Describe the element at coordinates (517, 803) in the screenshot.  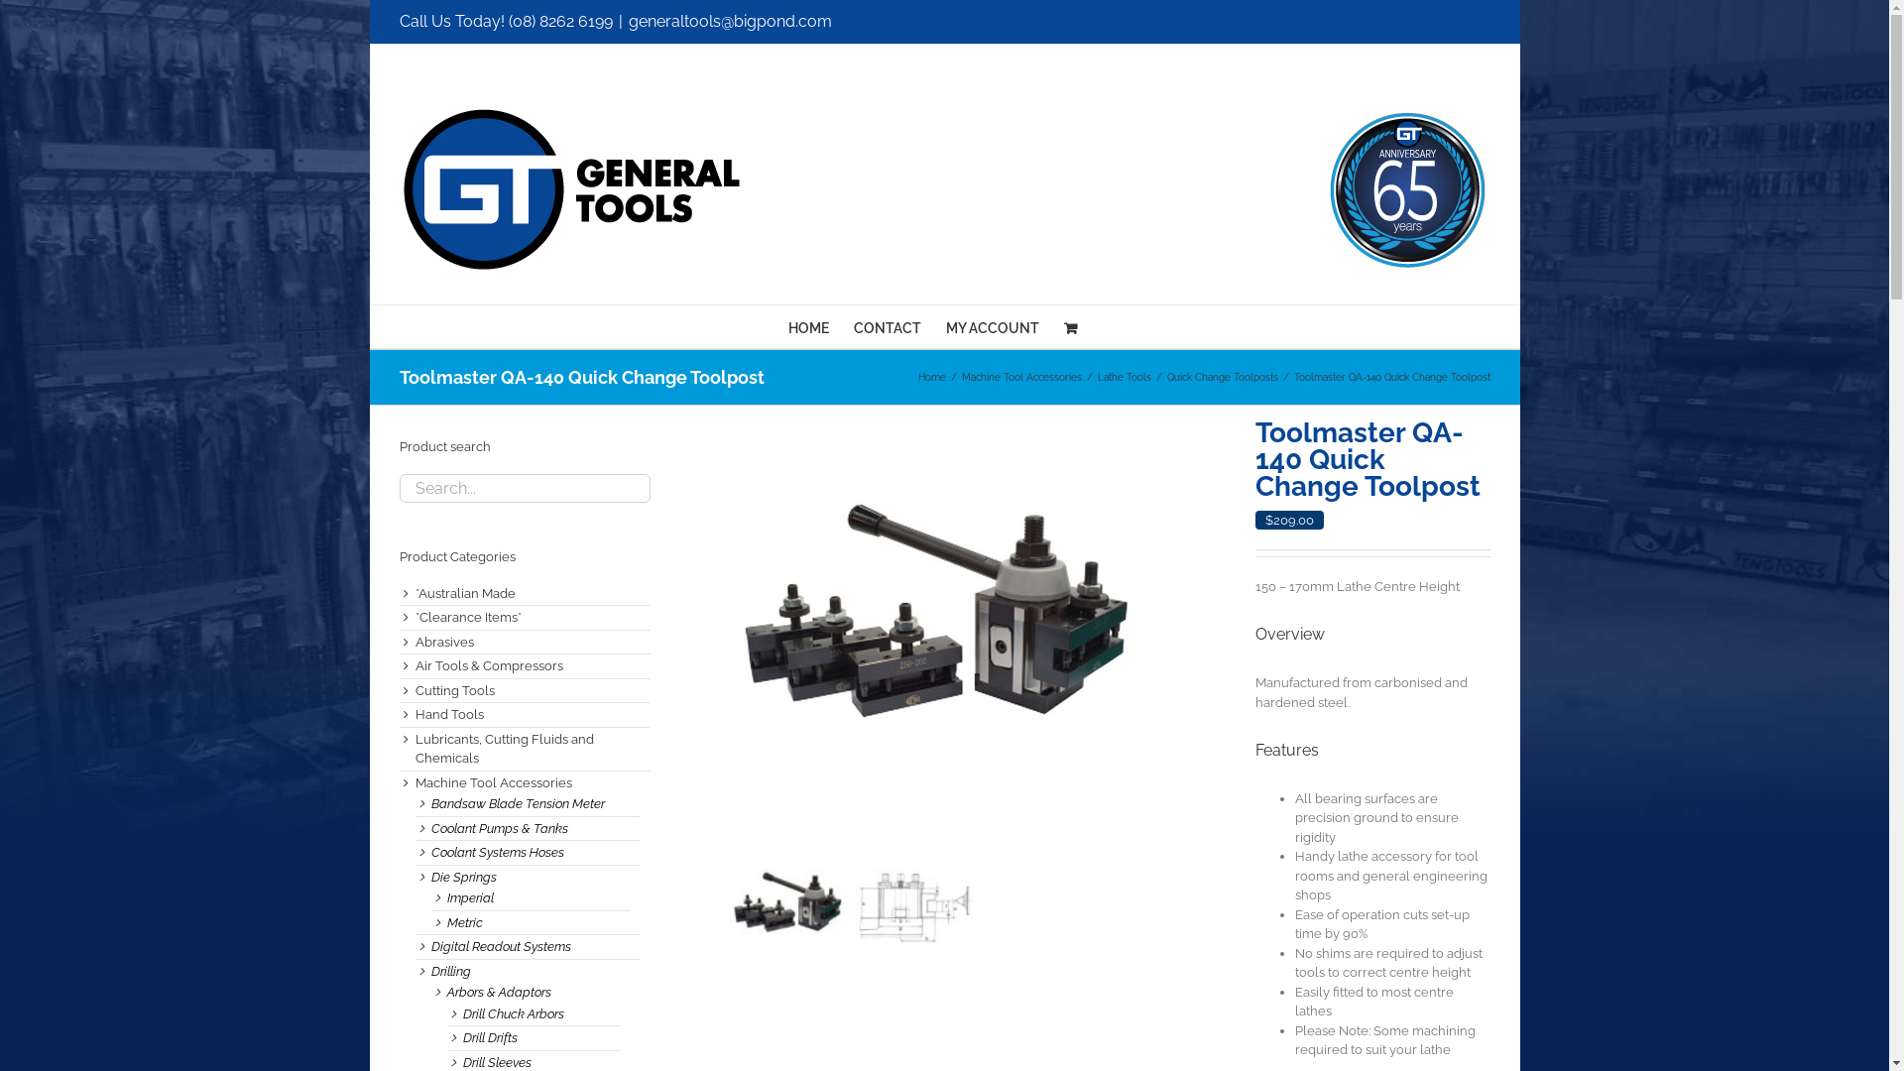
I see `'Bandsaw Blade Tension Meter'` at that location.